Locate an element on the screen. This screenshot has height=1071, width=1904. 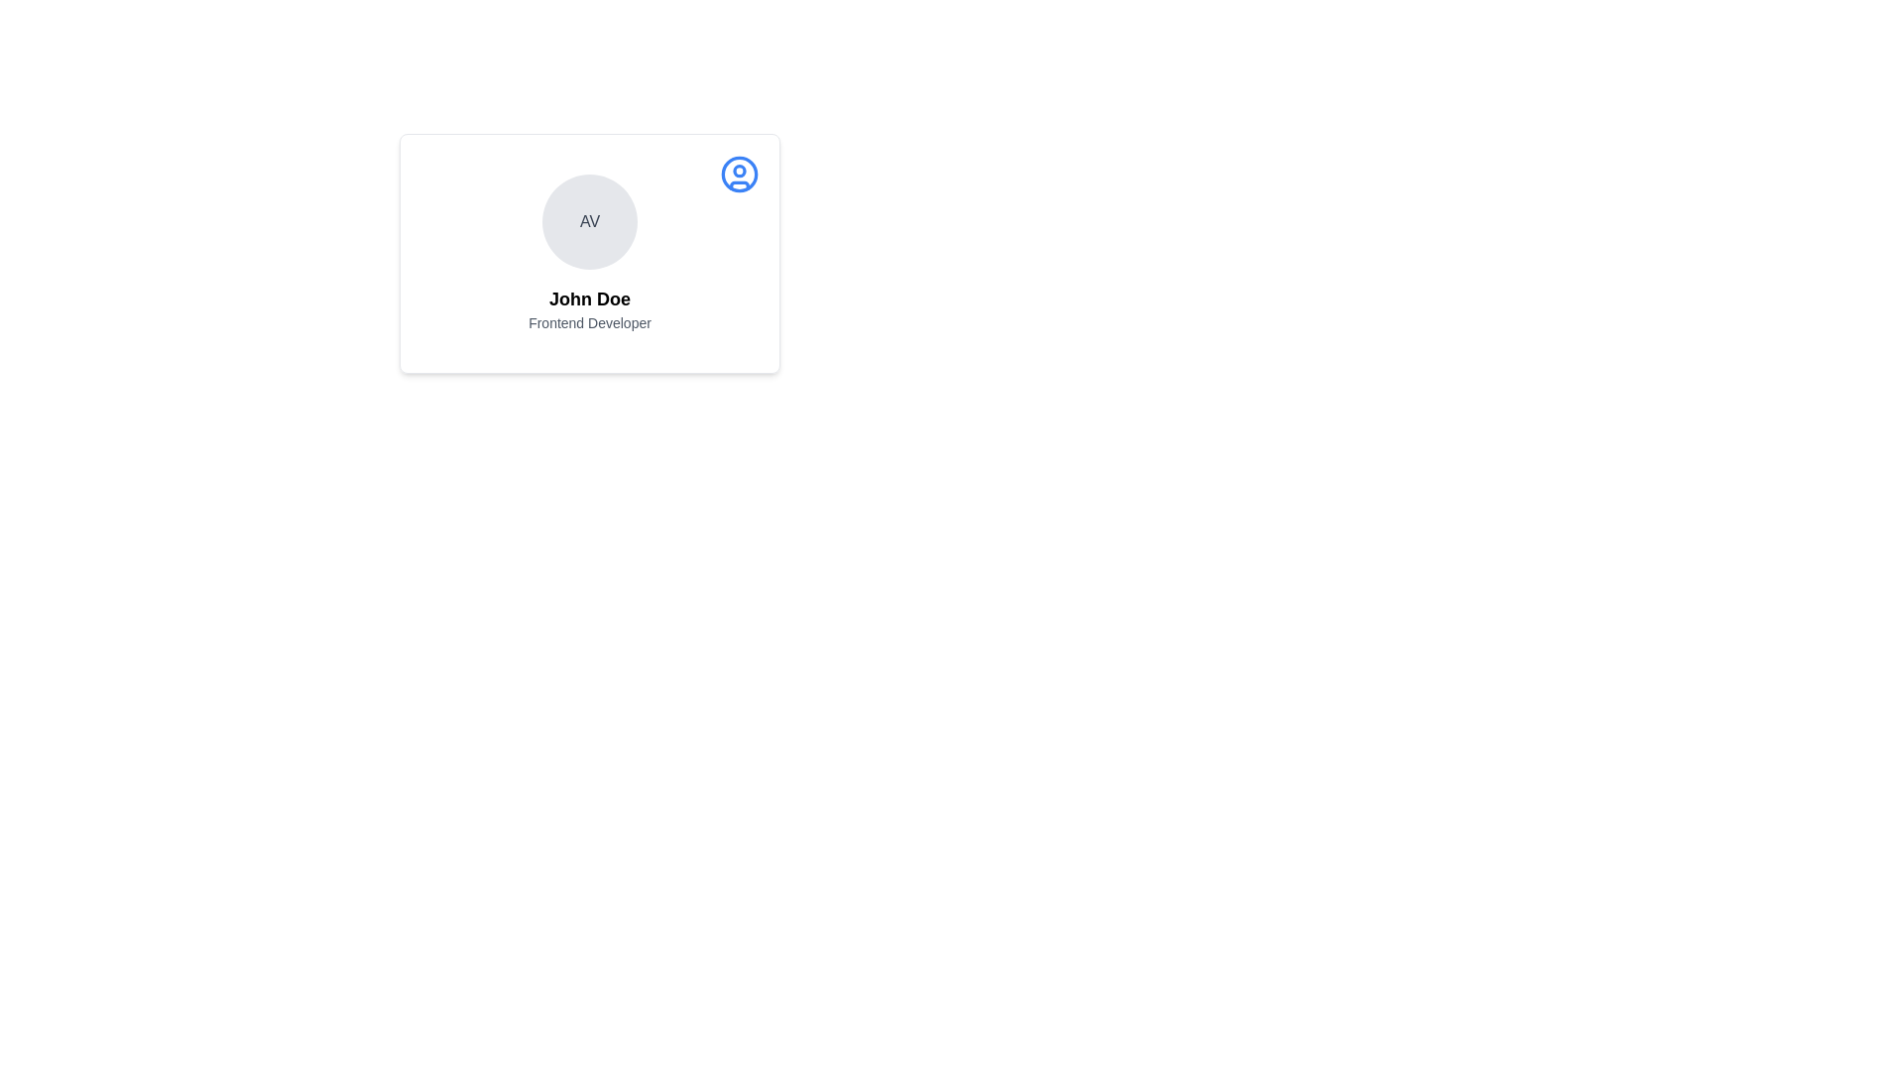
text label displaying 'John Doe', which is styled in bold and positioned below the circular placeholder with initials 'AV' is located at coordinates (589, 298).